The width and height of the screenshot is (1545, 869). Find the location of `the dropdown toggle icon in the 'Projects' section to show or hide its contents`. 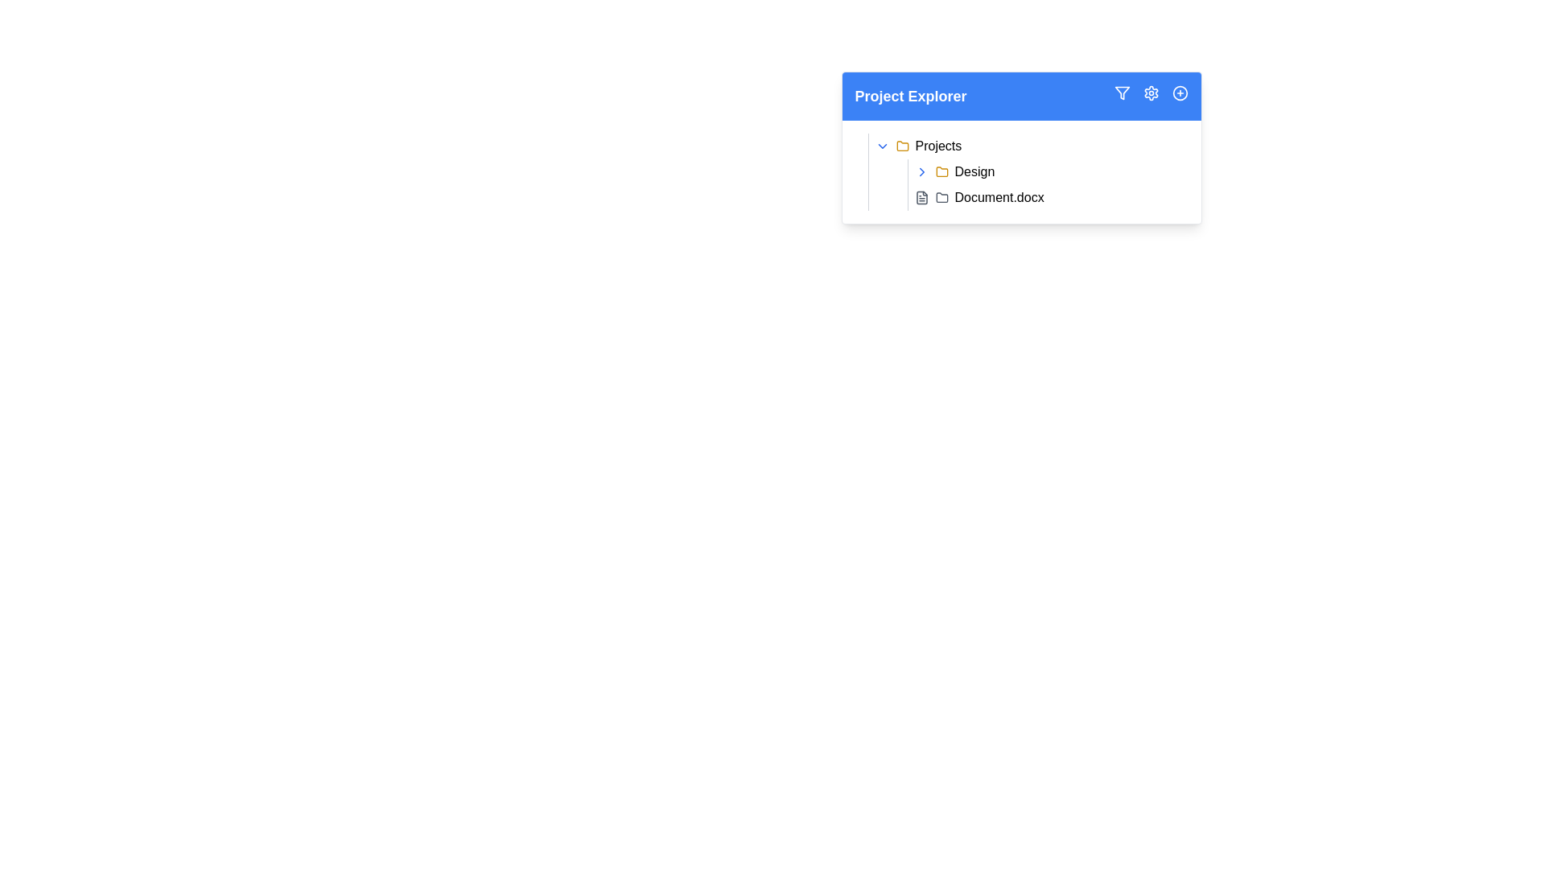

the dropdown toggle icon in the 'Projects' section to show or hide its contents is located at coordinates (881, 146).